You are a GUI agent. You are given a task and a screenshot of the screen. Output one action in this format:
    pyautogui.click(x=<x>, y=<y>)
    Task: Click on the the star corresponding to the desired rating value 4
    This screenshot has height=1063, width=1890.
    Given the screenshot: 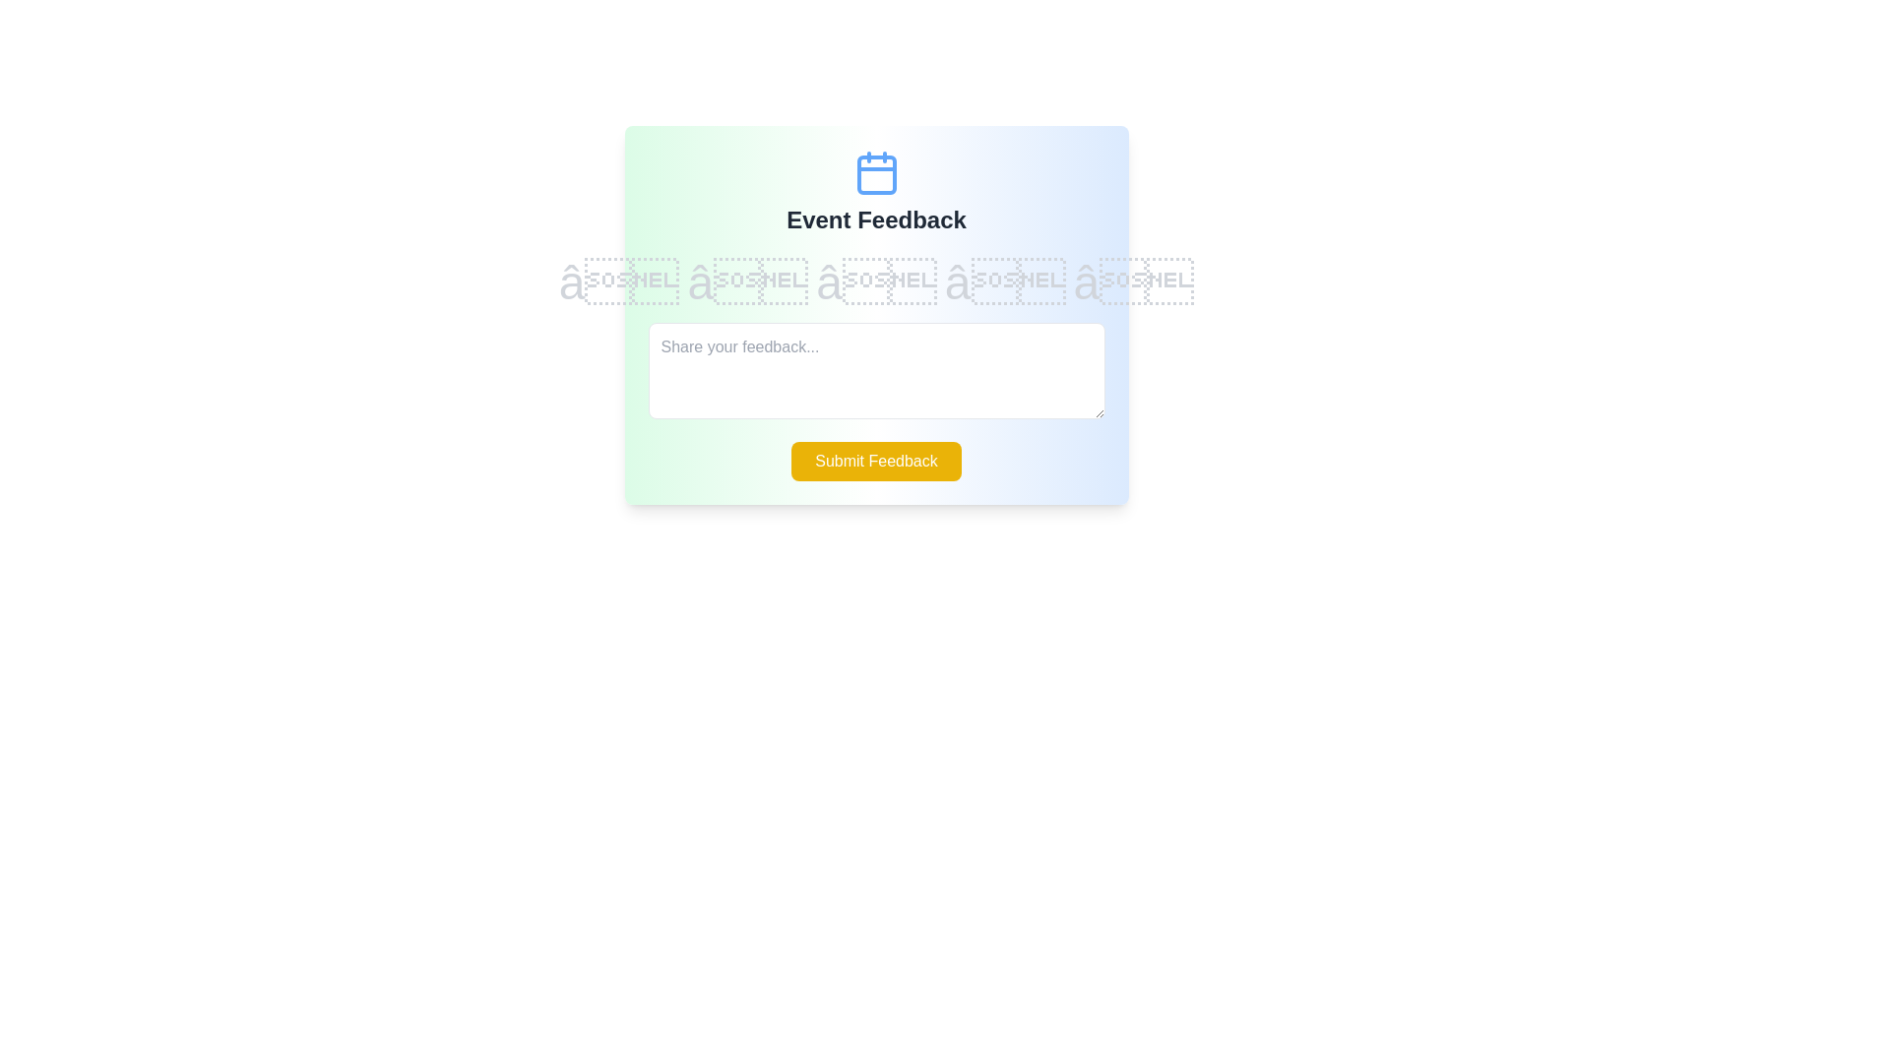 What is the action you would take?
    pyautogui.click(x=1005, y=283)
    